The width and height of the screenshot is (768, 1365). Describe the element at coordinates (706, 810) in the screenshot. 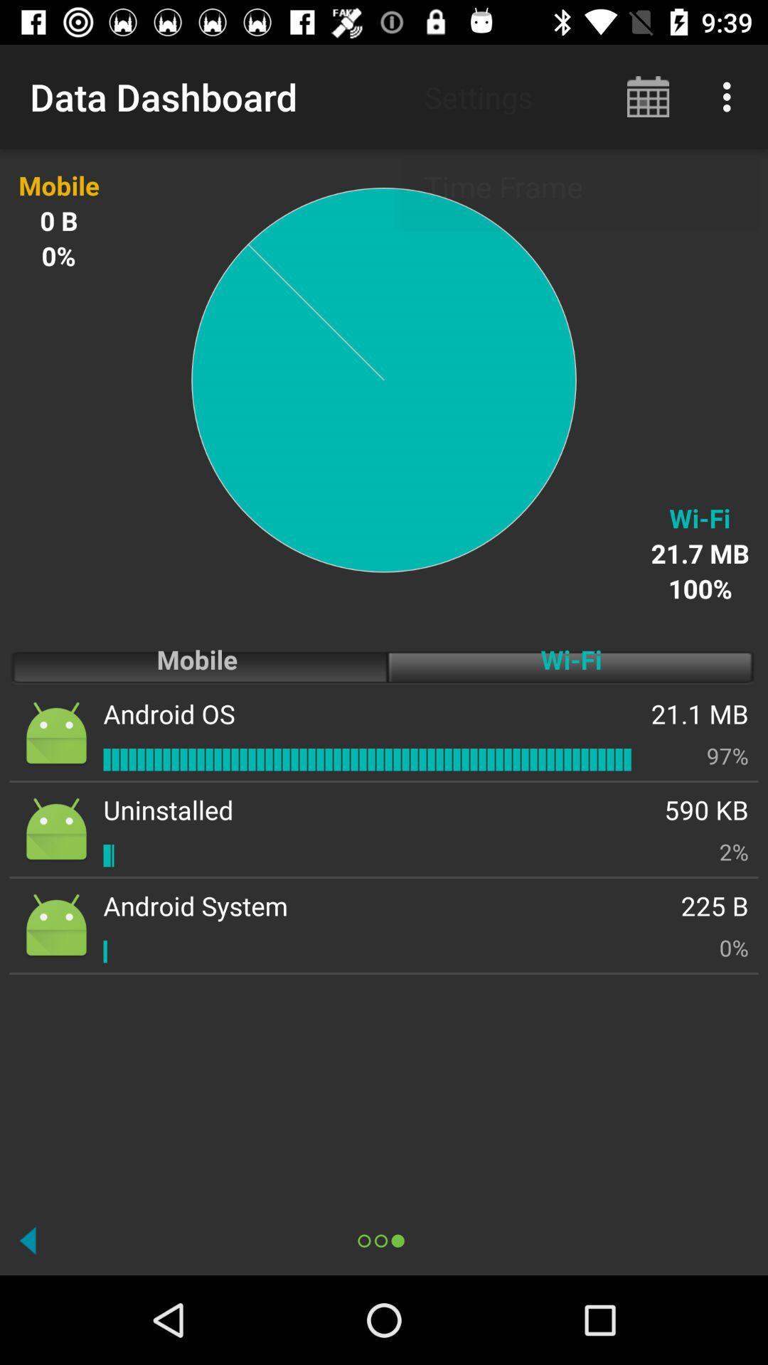

I see `app above the 2%` at that location.